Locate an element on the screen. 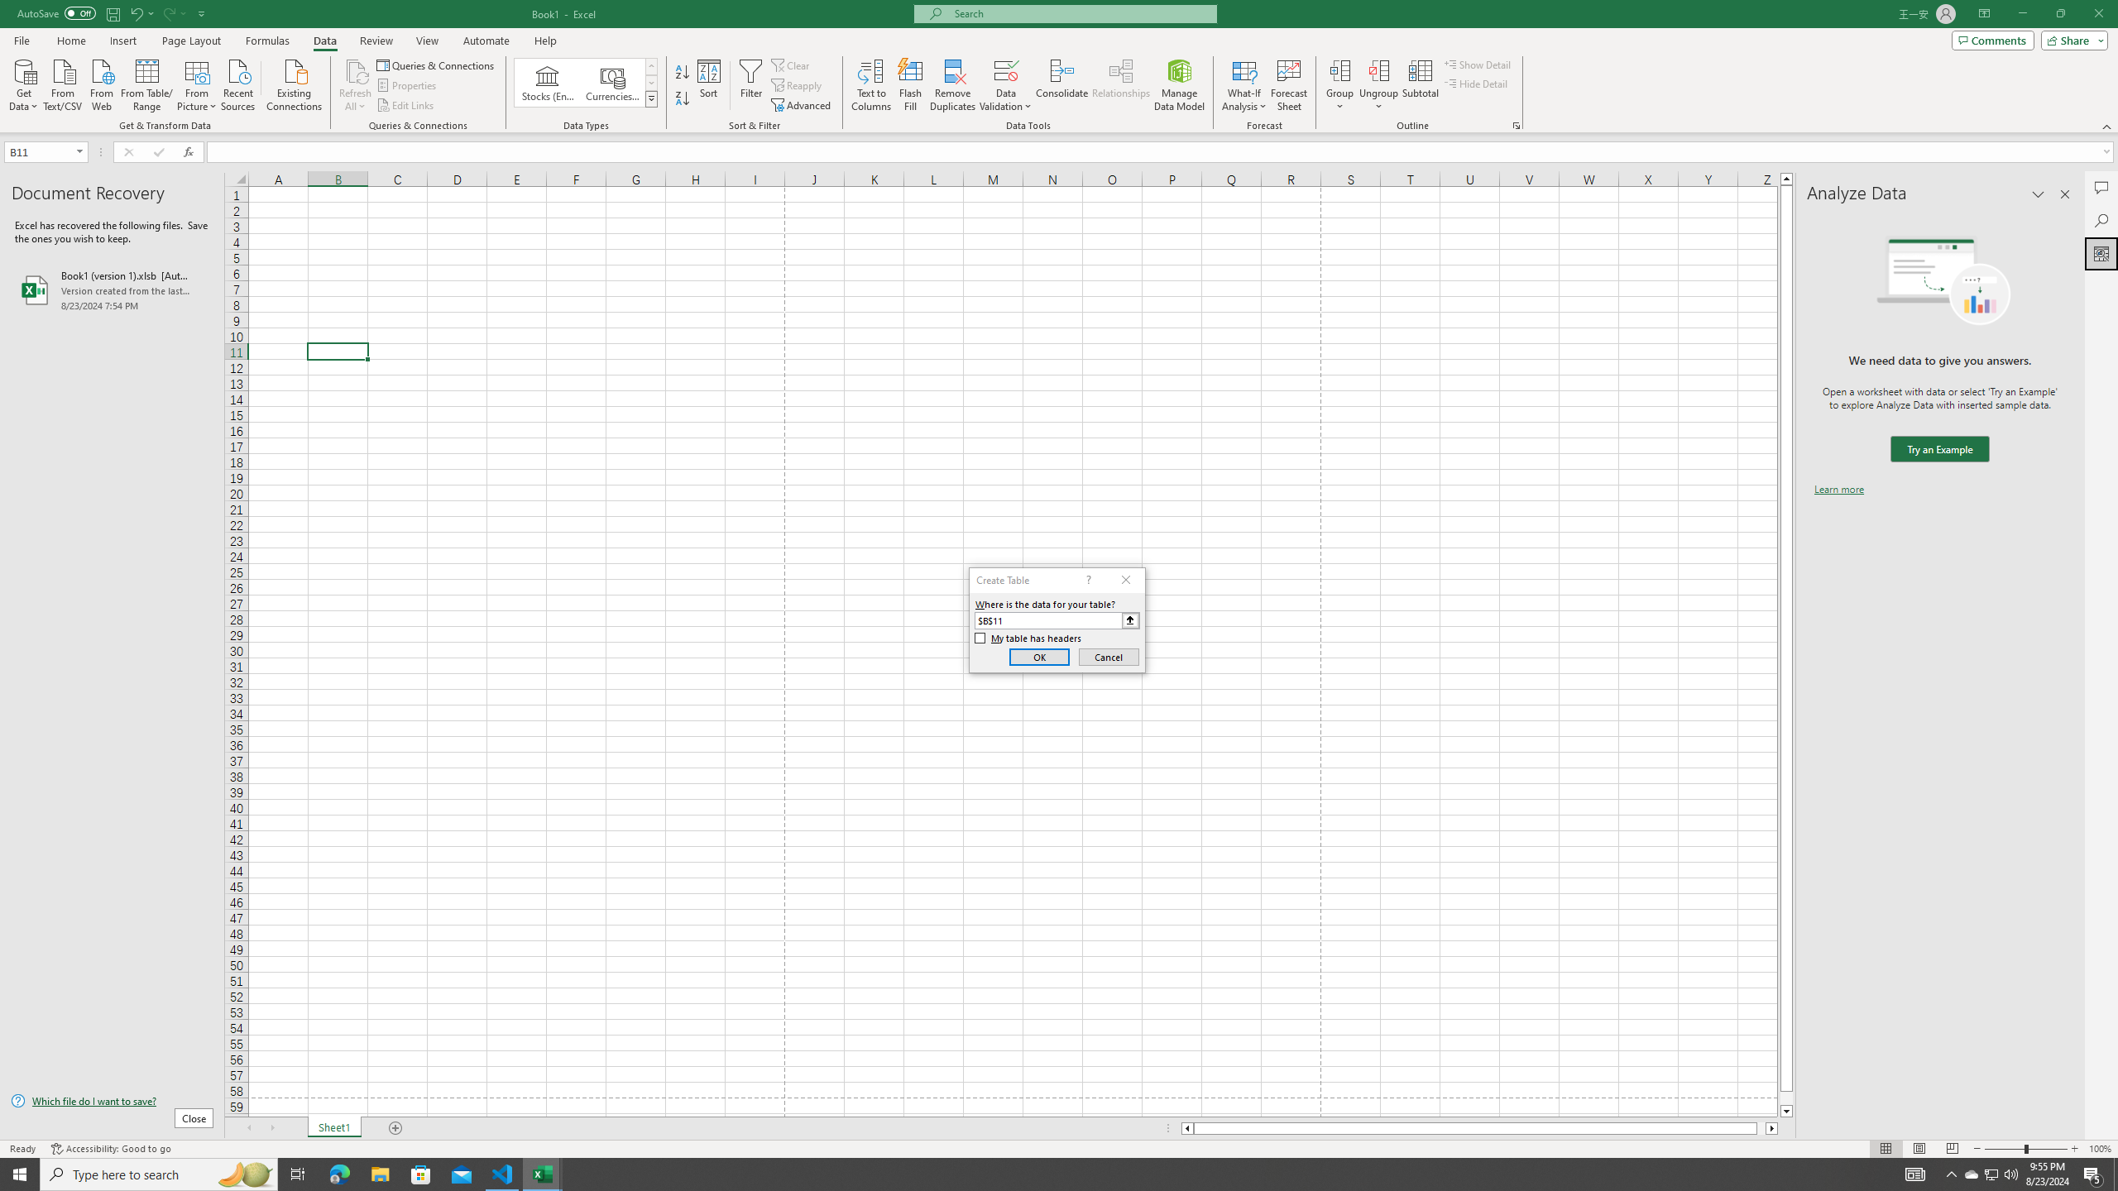 This screenshot has width=2118, height=1191. 'Stocks (English)' is located at coordinates (546, 82).